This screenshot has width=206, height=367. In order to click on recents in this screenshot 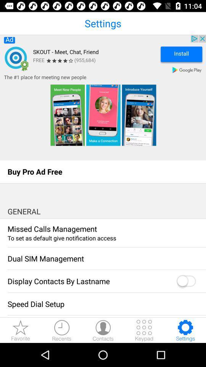, I will do `click(61, 330)`.